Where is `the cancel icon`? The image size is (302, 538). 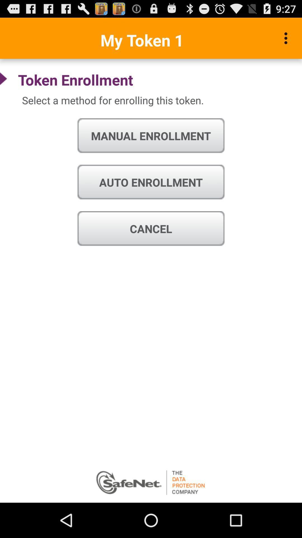 the cancel icon is located at coordinates (151, 229).